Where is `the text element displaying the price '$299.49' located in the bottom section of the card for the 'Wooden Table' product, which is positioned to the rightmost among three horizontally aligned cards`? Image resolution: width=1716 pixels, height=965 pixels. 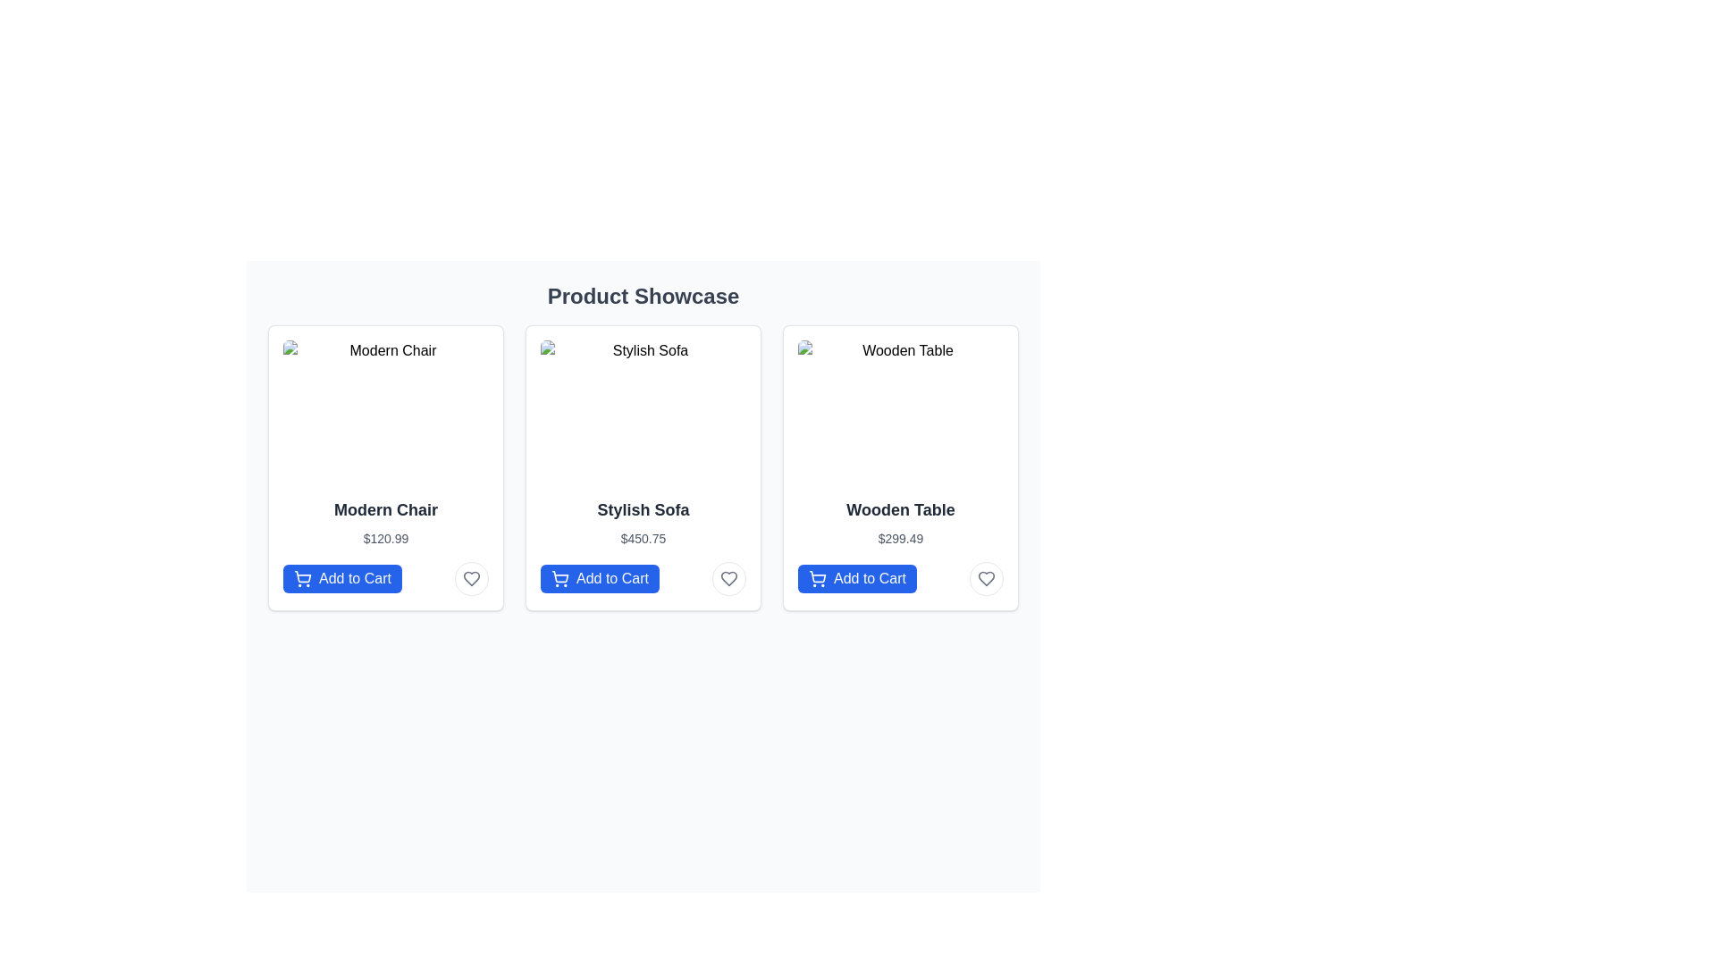
the text element displaying the price '$299.49' located in the bottom section of the card for the 'Wooden Table' product, which is positioned to the rightmost among three horizontally aligned cards is located at coordinates (901, 537).